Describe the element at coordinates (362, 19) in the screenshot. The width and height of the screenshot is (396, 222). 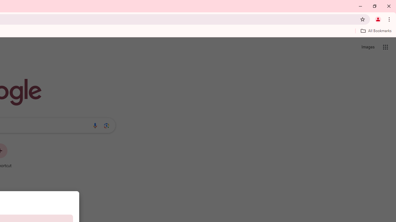
I see `'Bookmark this tab'` at that location.